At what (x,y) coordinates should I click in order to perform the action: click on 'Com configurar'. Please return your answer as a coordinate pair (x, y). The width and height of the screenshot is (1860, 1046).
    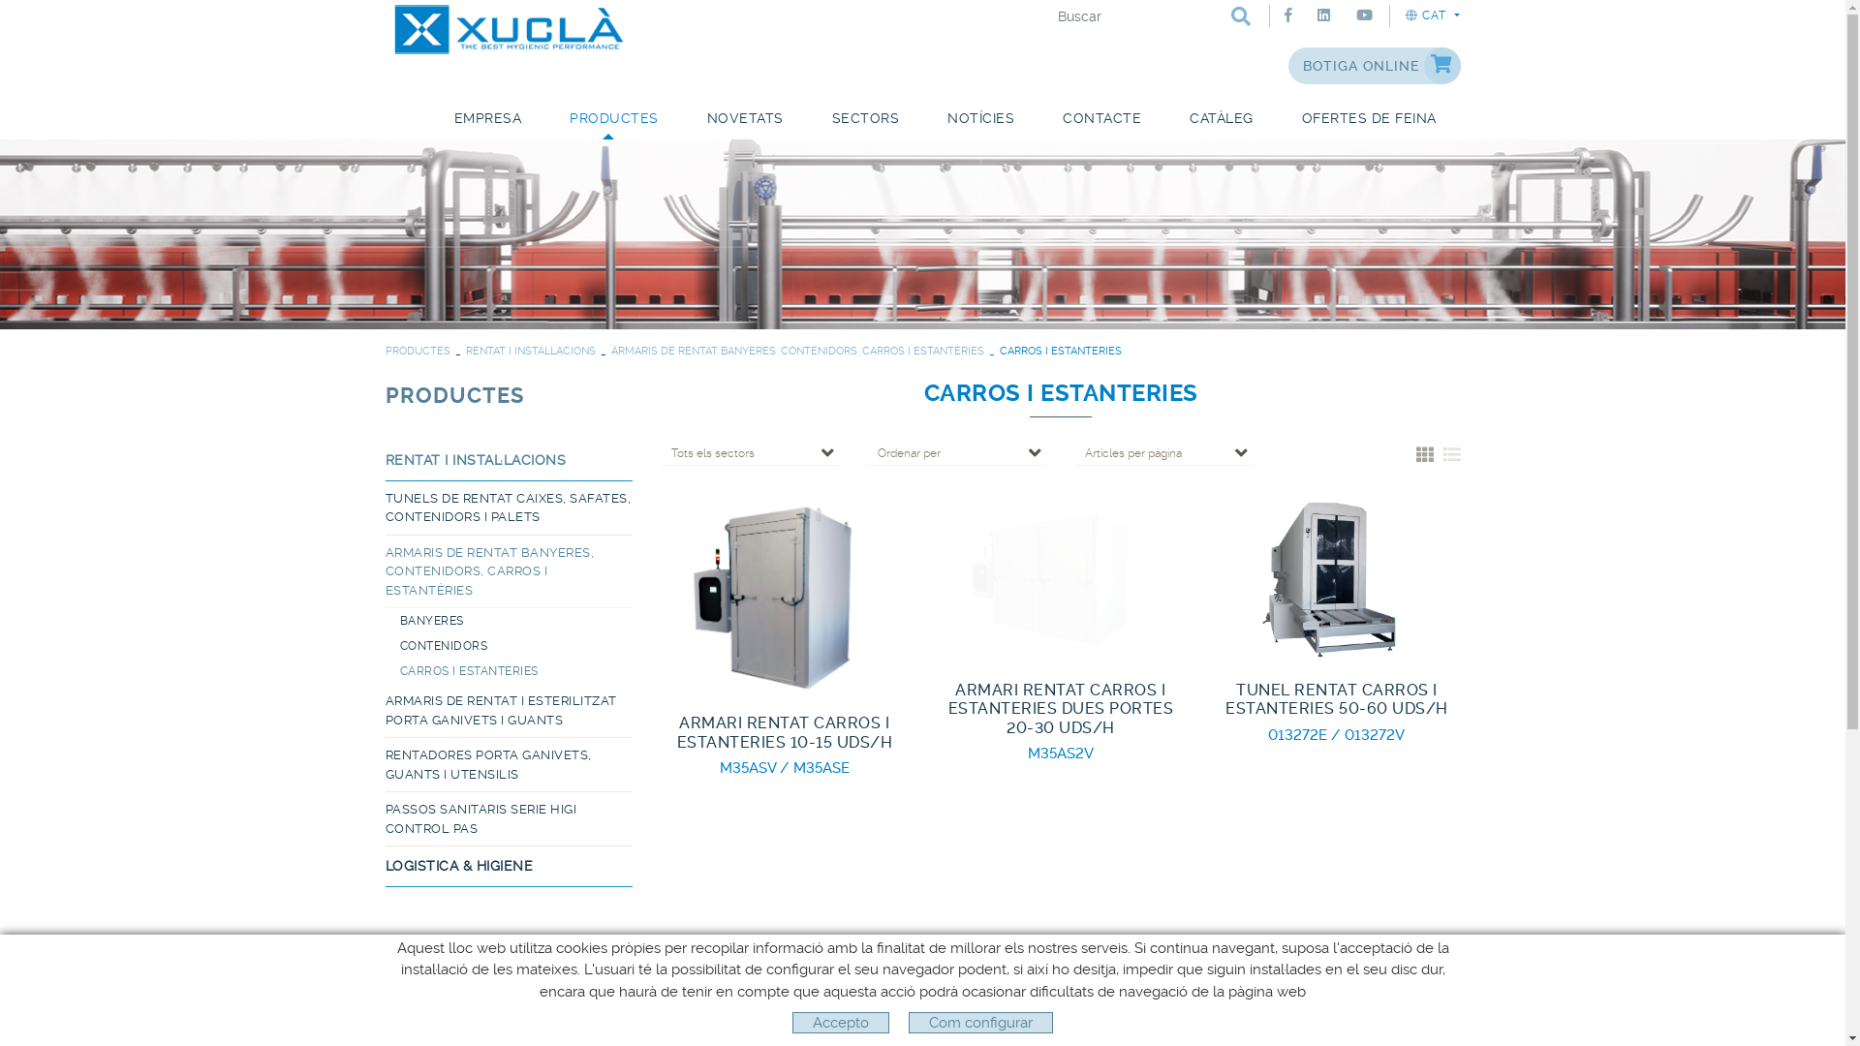
    Looking at the image, I should click on (980, 1022).